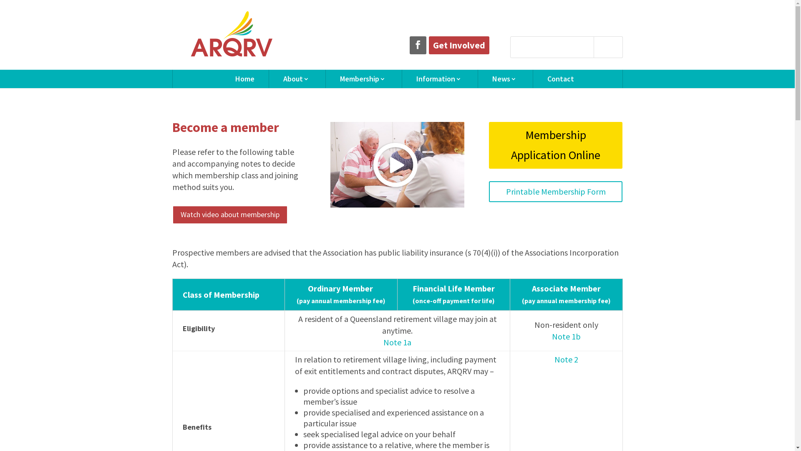 The height and width of the screenshot is (451, 801). Describe the element at coordinates (566, 359) in the screenshot. I see `'Note 2'` at that location.